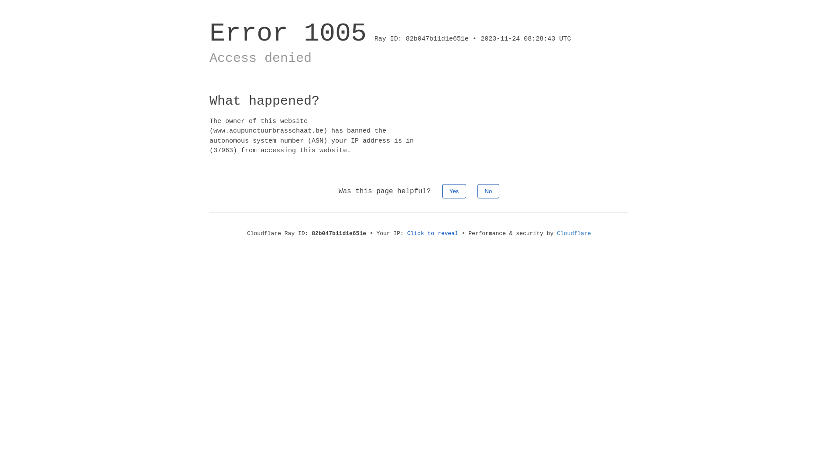 The height and width of the screenshot is (471, 838). Describe the element at coordinates (442, 191) in the screenshot. I see `'Yes'` at that location.